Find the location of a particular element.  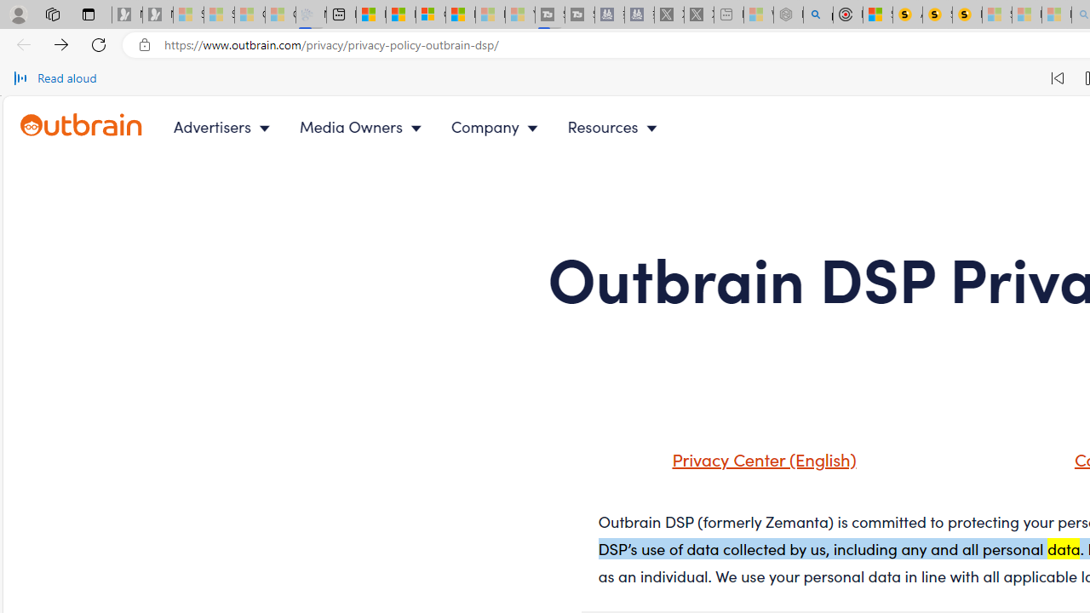

'Michelle Starr, Senior Journalist at ScienceAlert' is located at coordinates (967, 14).